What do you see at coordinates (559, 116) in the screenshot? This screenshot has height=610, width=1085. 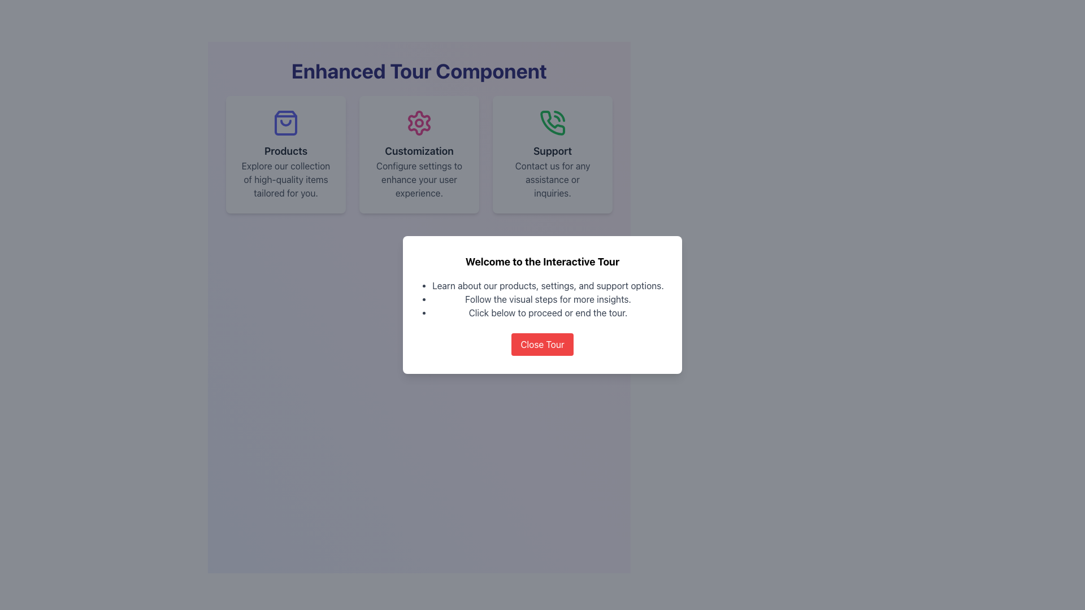 I see `the curved line segment of the phone call icon located in the 'Support' section of the UI, positioned in the top-right part of the icon` at bounding box center [559, 116].